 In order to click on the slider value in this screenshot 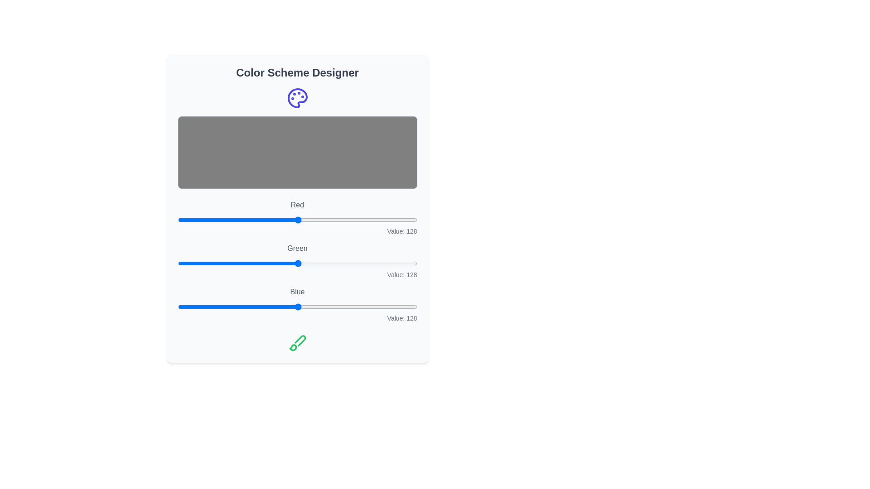, I will do `click(361, 307)`.